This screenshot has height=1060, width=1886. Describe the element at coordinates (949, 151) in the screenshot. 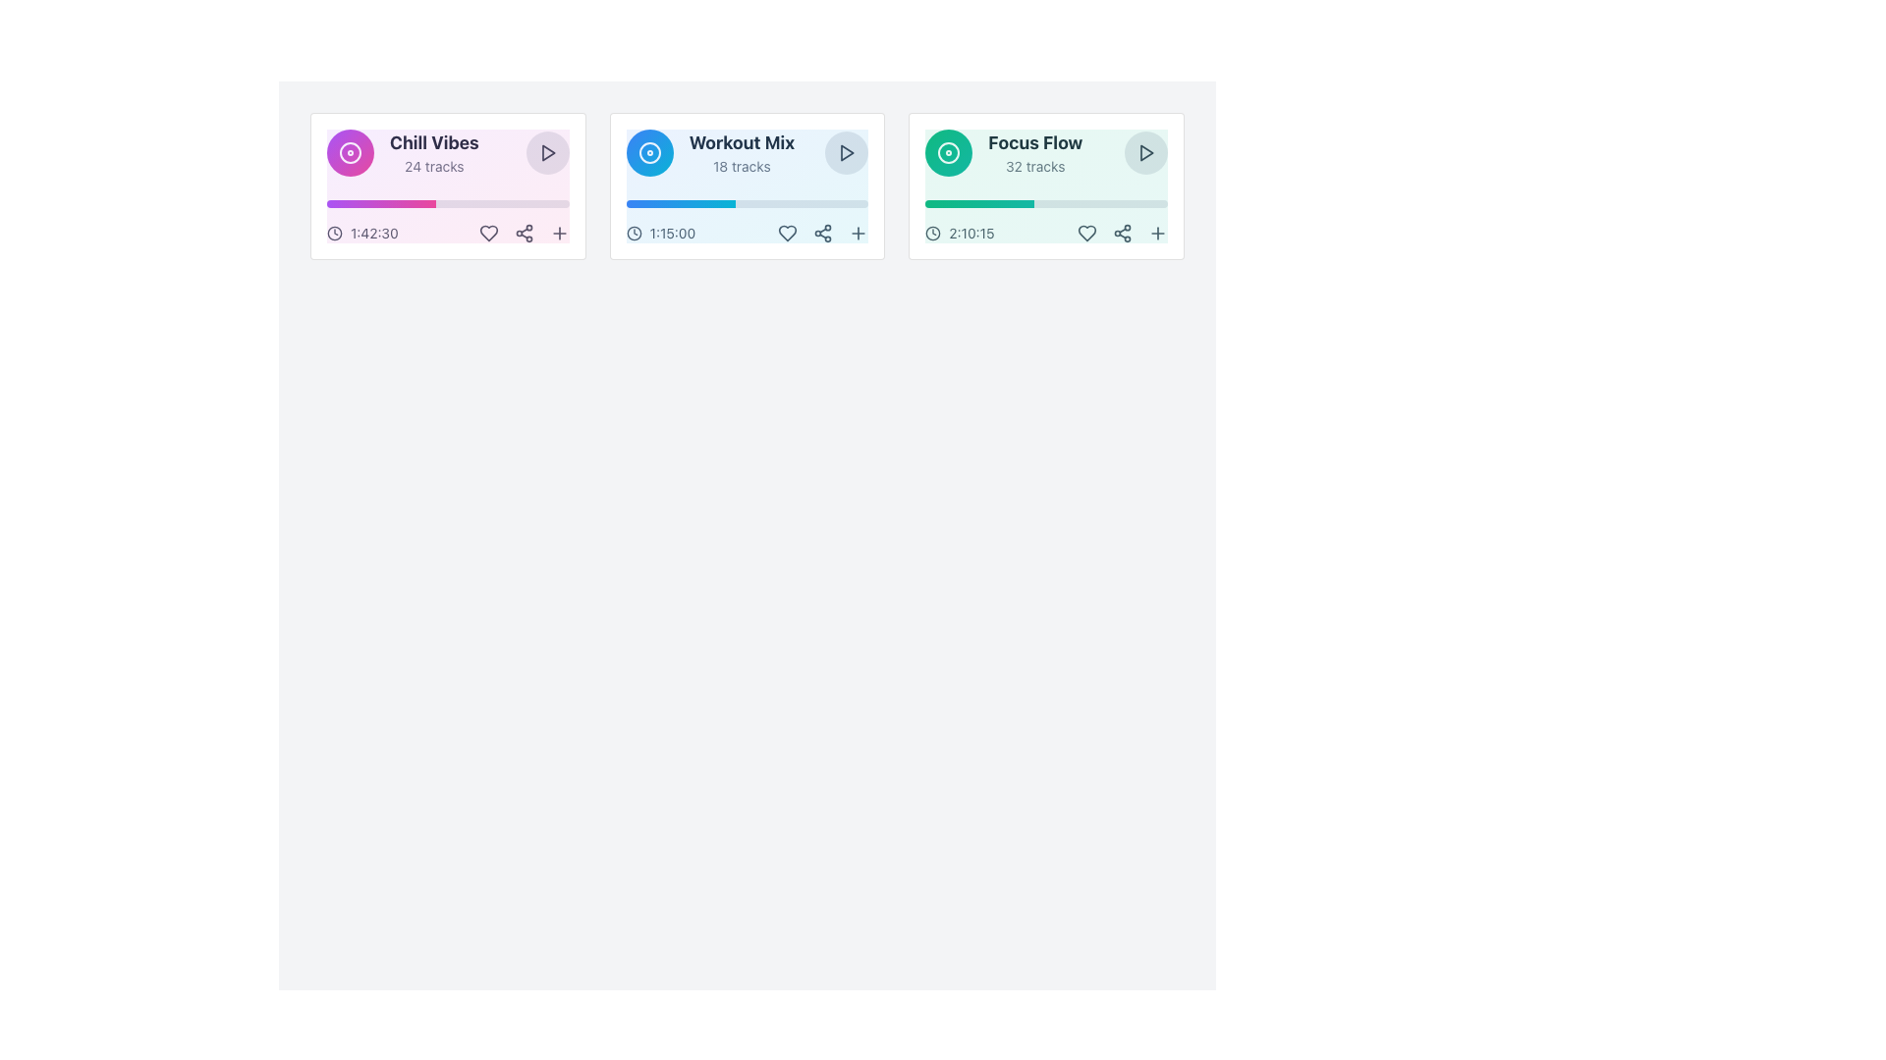

I see `the decorative loading icon located at the center of the green-and-white gradient circular background within the 'Focus Flow' card` at that location.